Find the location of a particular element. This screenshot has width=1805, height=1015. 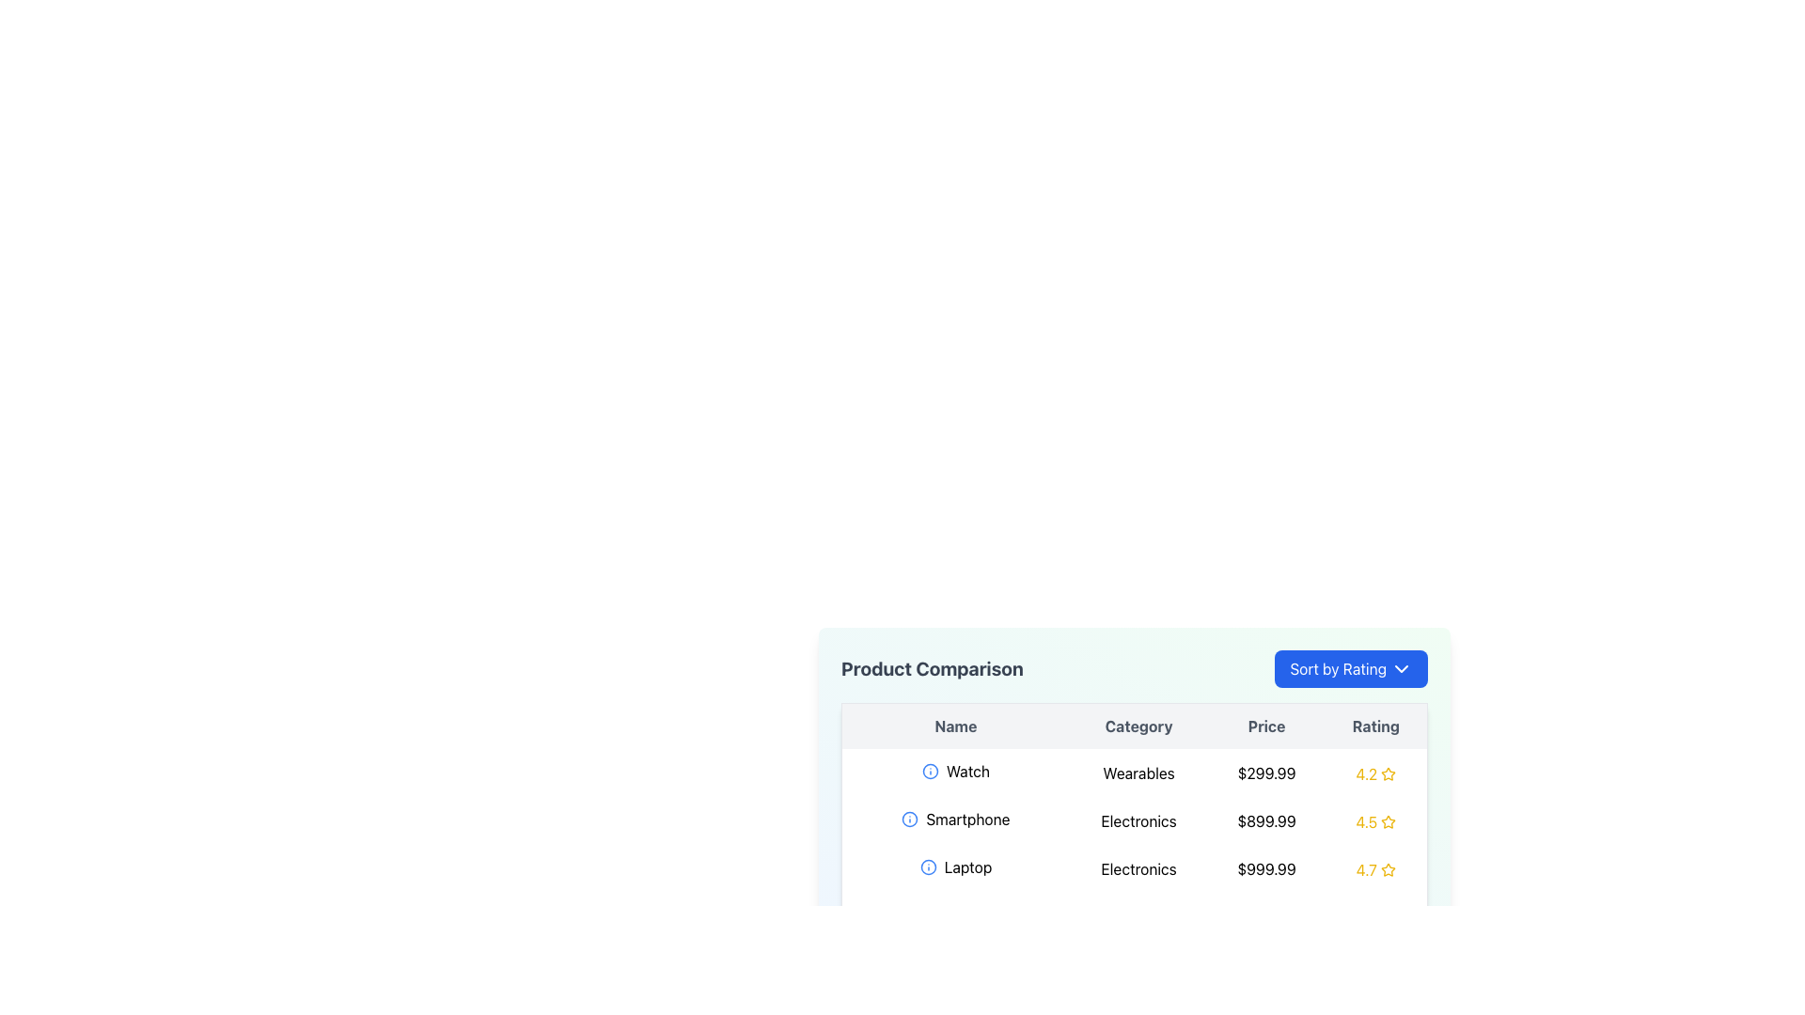

the Text Label displaying '$299.99' in the 'Price' column of the 'Wearables' category is located at coordinates (1266, 773).